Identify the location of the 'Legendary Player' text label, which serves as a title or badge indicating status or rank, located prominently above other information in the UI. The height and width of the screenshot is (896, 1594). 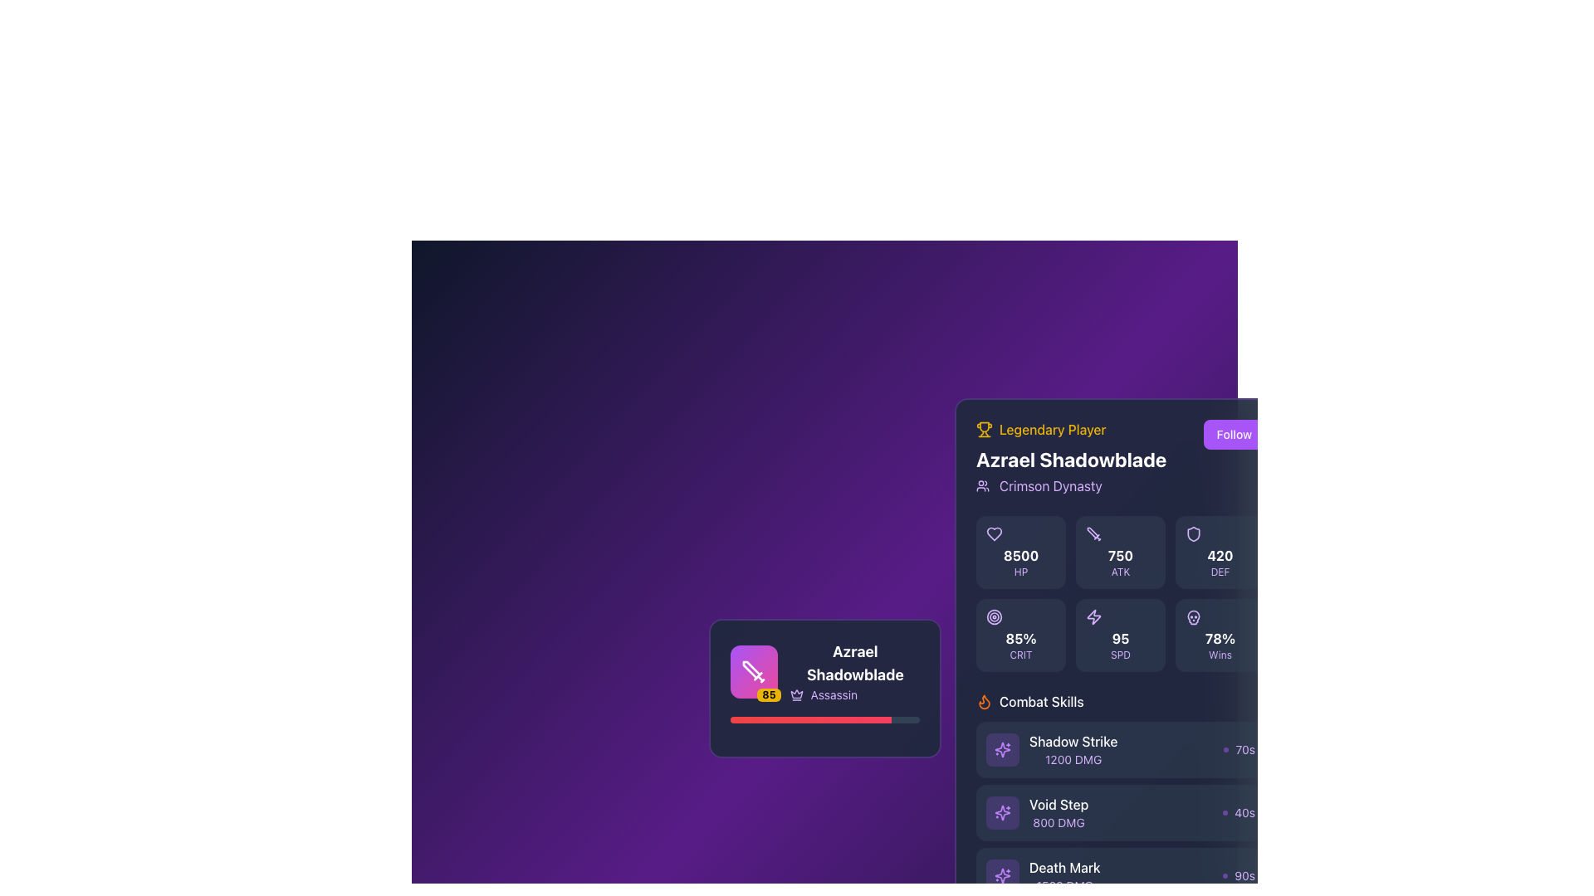
(1051, 428).